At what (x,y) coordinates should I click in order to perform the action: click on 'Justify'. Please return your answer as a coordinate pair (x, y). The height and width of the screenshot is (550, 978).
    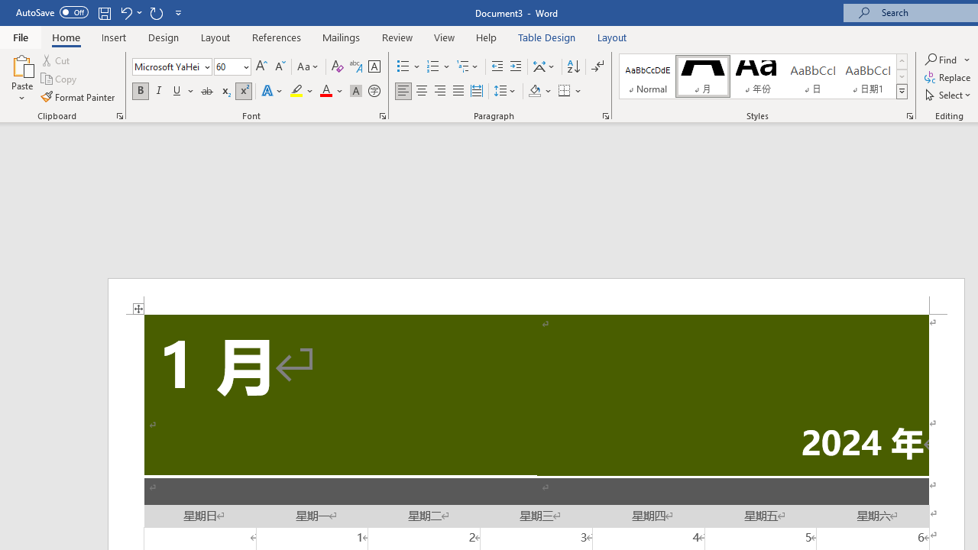
    Looking at the image, I should click on (457, 91).